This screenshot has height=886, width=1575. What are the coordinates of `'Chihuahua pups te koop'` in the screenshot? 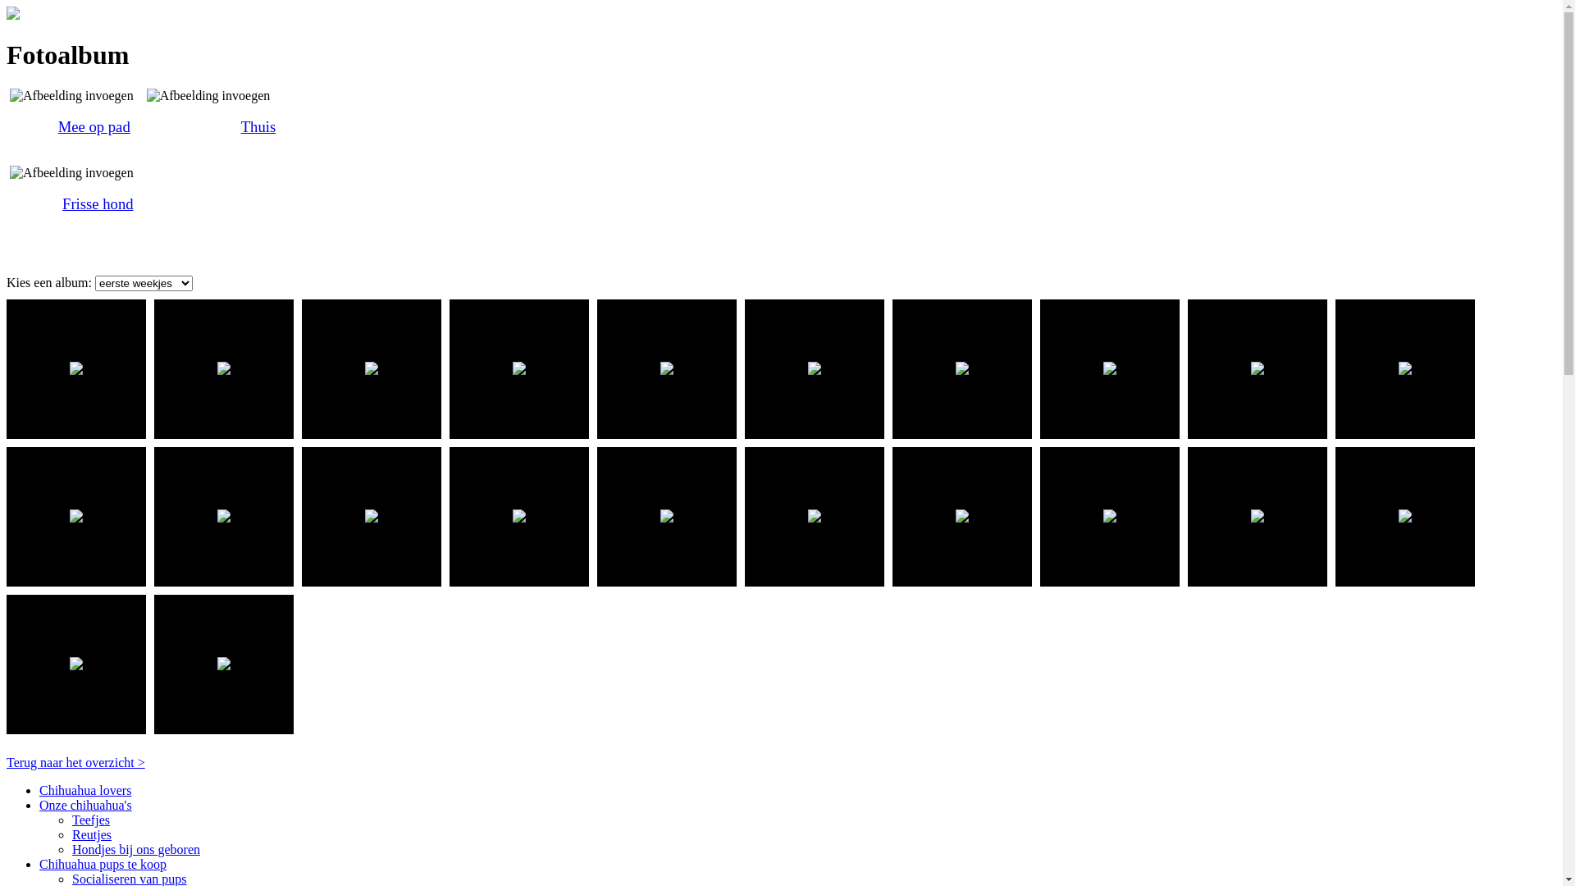 It's located at (102, 863).